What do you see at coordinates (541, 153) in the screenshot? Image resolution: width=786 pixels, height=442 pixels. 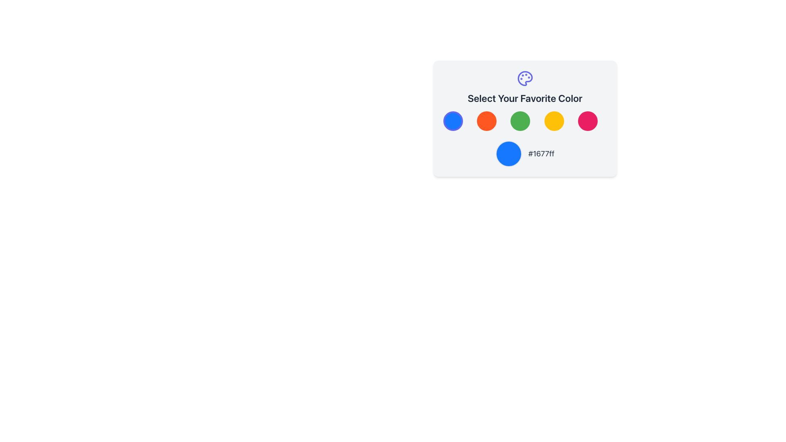 I see `the text label located to the right of the blue circular shape in the card-like interface` at bounding box center [541, 153].